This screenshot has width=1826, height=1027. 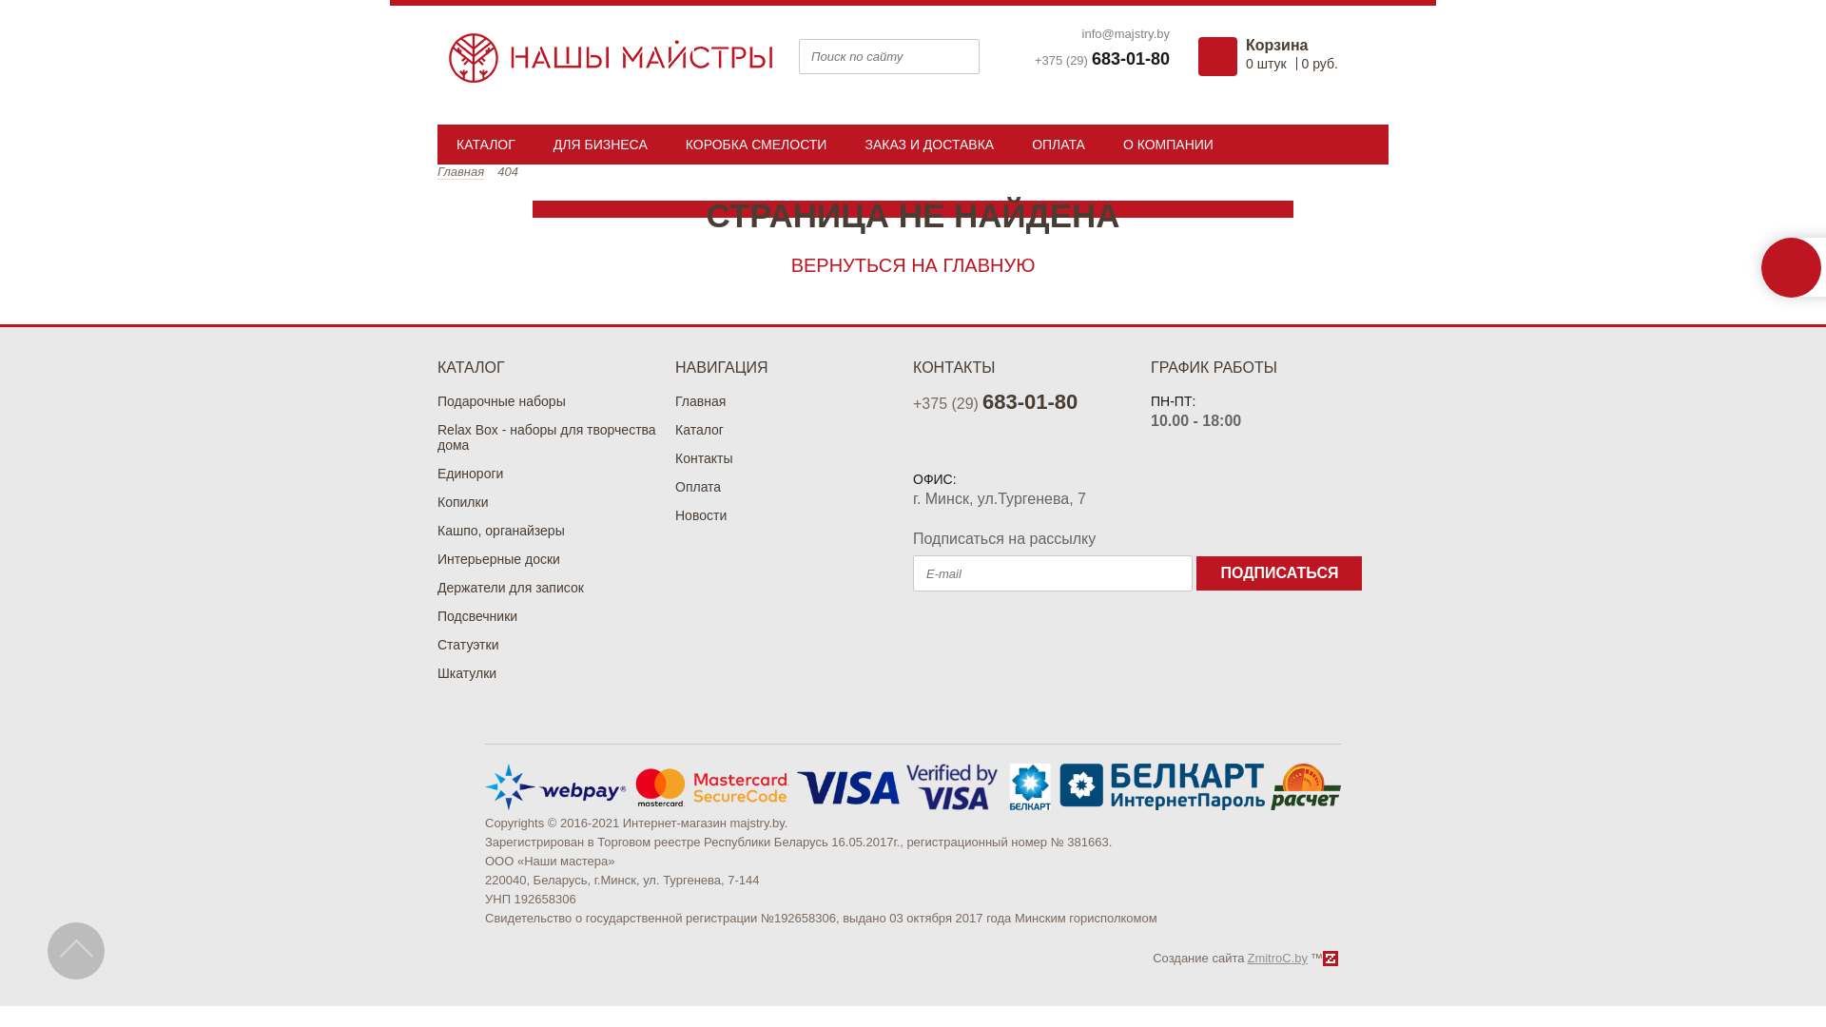 What do you see at coordinates (1081, 33) in the screenshot?
I see `'info@majstry.by'` at bounding box center [1081, 33].